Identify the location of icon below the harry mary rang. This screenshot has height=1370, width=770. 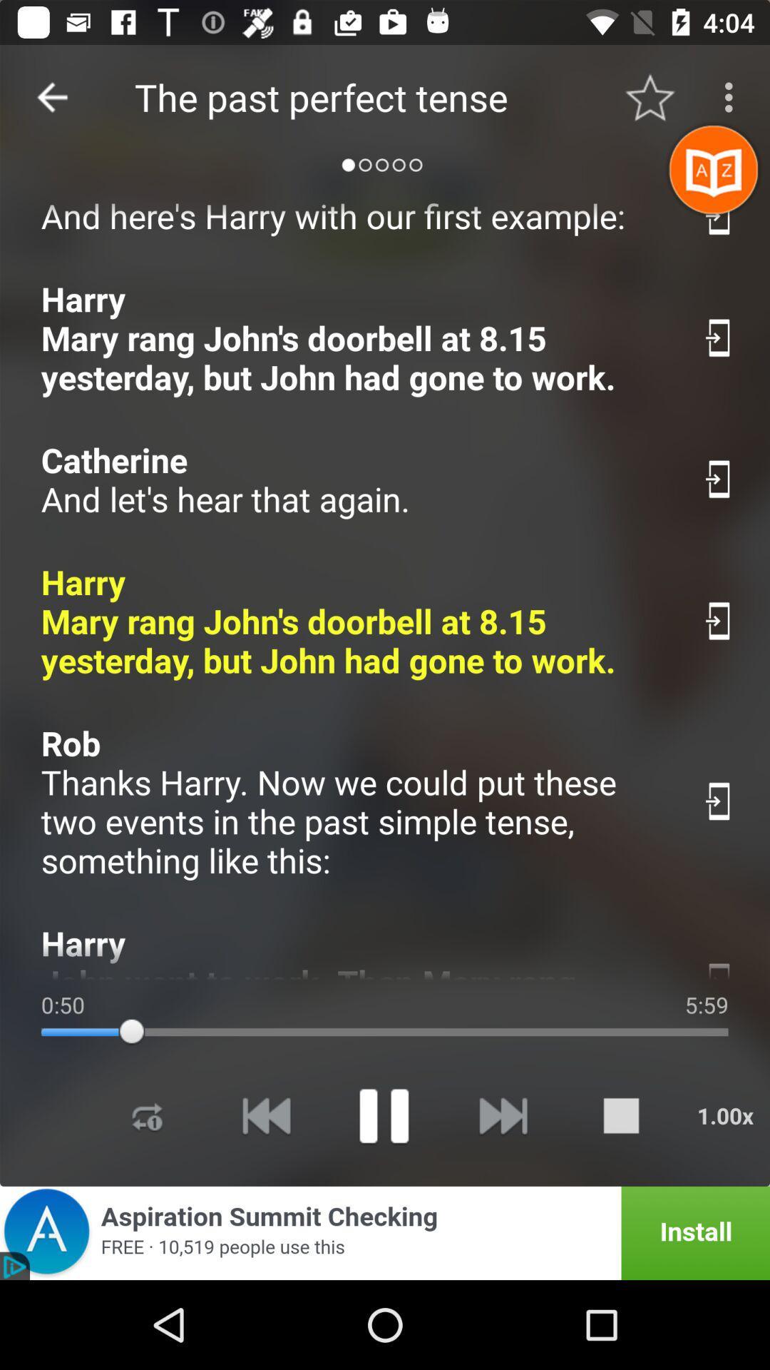
(356, 801).